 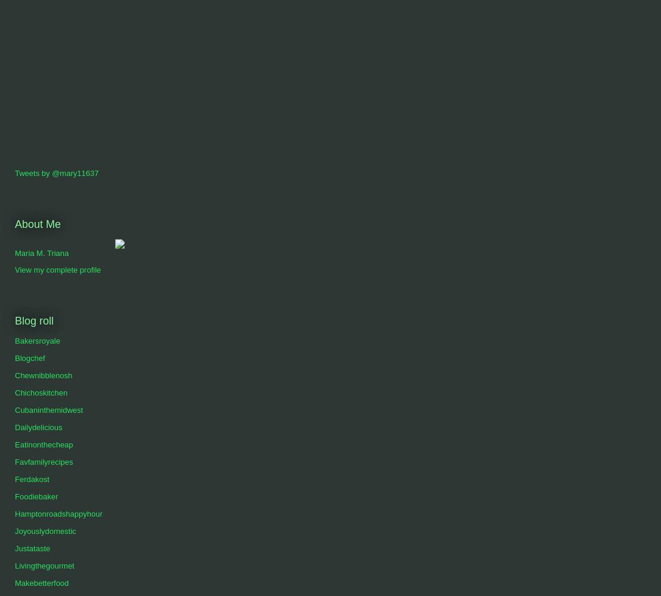 What do you see at coordinates (15, 341) in the screenshot?
I see `'Bakersroyale'` at bounding box center [15, 341].